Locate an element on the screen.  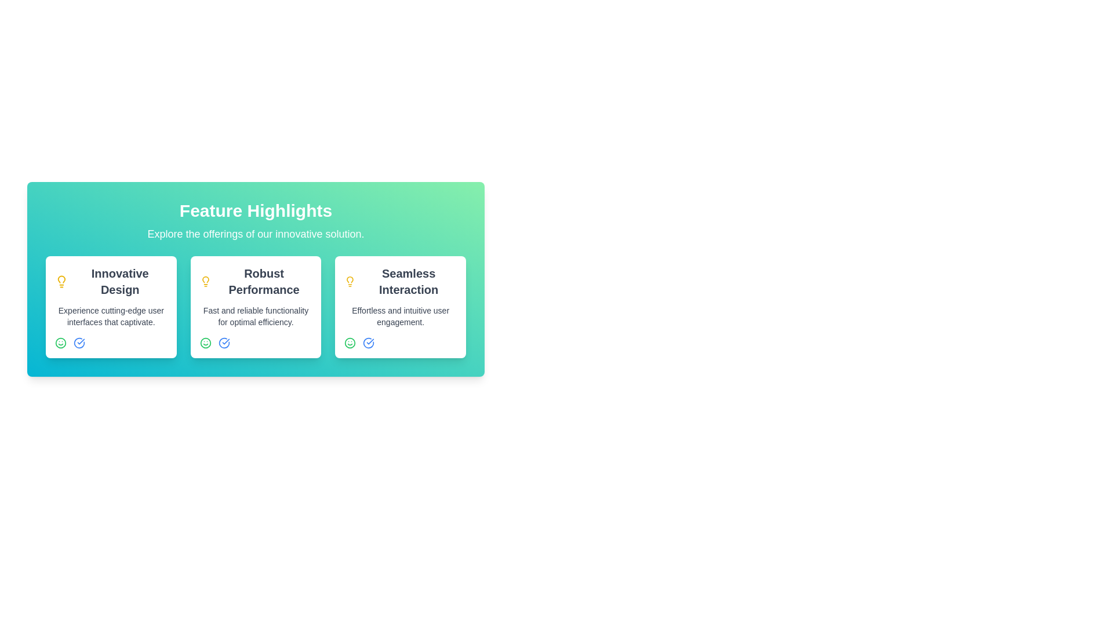
the lightbulb icon located in the top-left corner of the 'Seamless Interaction' card to trigger a tooltip or visual feedback is located at coordinates (350, 282).